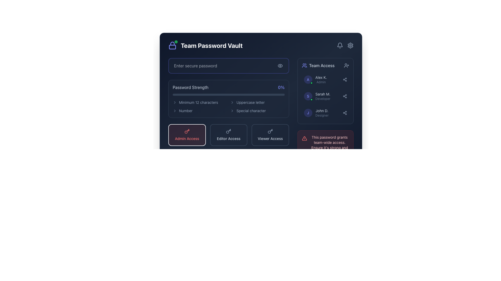 The width and height of the screenshot is (501, 281). I want to click on the static text label reading 'John D.' which is styled in light gray and located in the 'Team Access' section, specifically the first line of the entry for 'John D., Designer', so click(321, 110).